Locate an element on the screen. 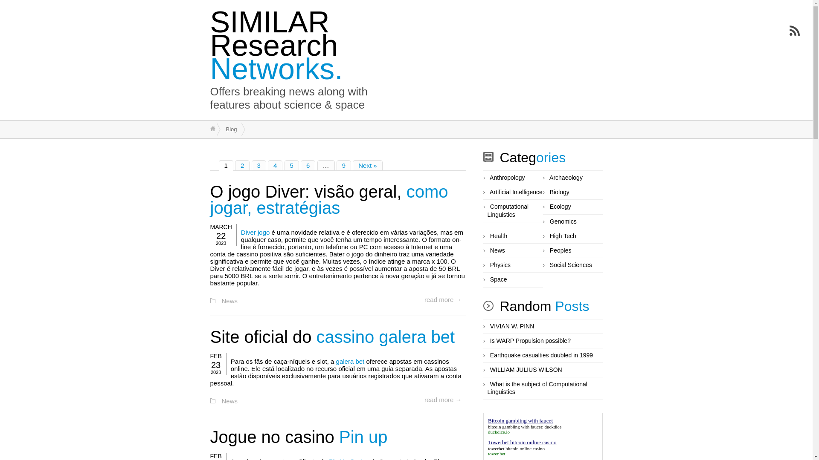  'Social Sciences' is located at coordinates (571, 265).